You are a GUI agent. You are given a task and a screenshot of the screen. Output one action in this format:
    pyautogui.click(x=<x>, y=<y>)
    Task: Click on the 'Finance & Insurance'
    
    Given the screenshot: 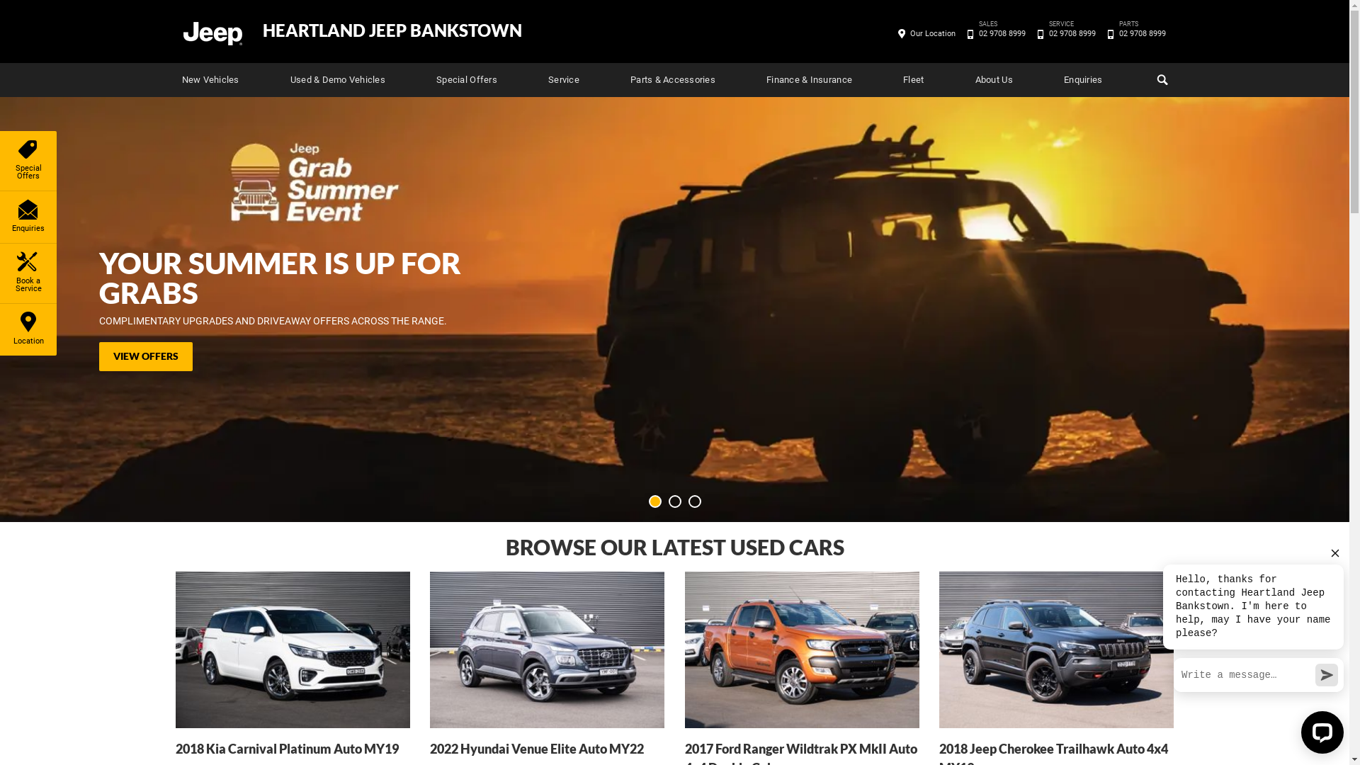 What is the action you would take?
    pyautogui.click(x=765, y=79)
    